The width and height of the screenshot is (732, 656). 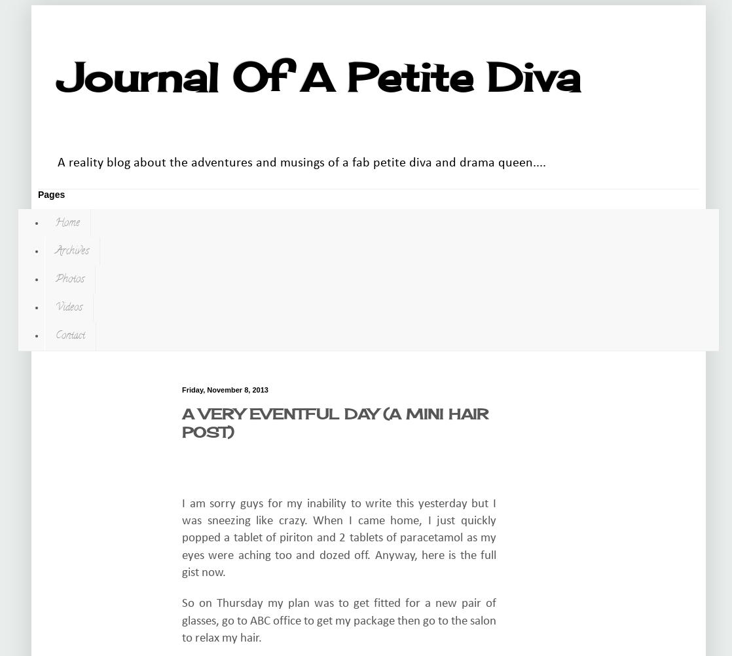 What do you see at coordinates (318, 76) in the screenshot?
I see `'Journal Of A Petite Diva'` at bounding box center [318, 76].